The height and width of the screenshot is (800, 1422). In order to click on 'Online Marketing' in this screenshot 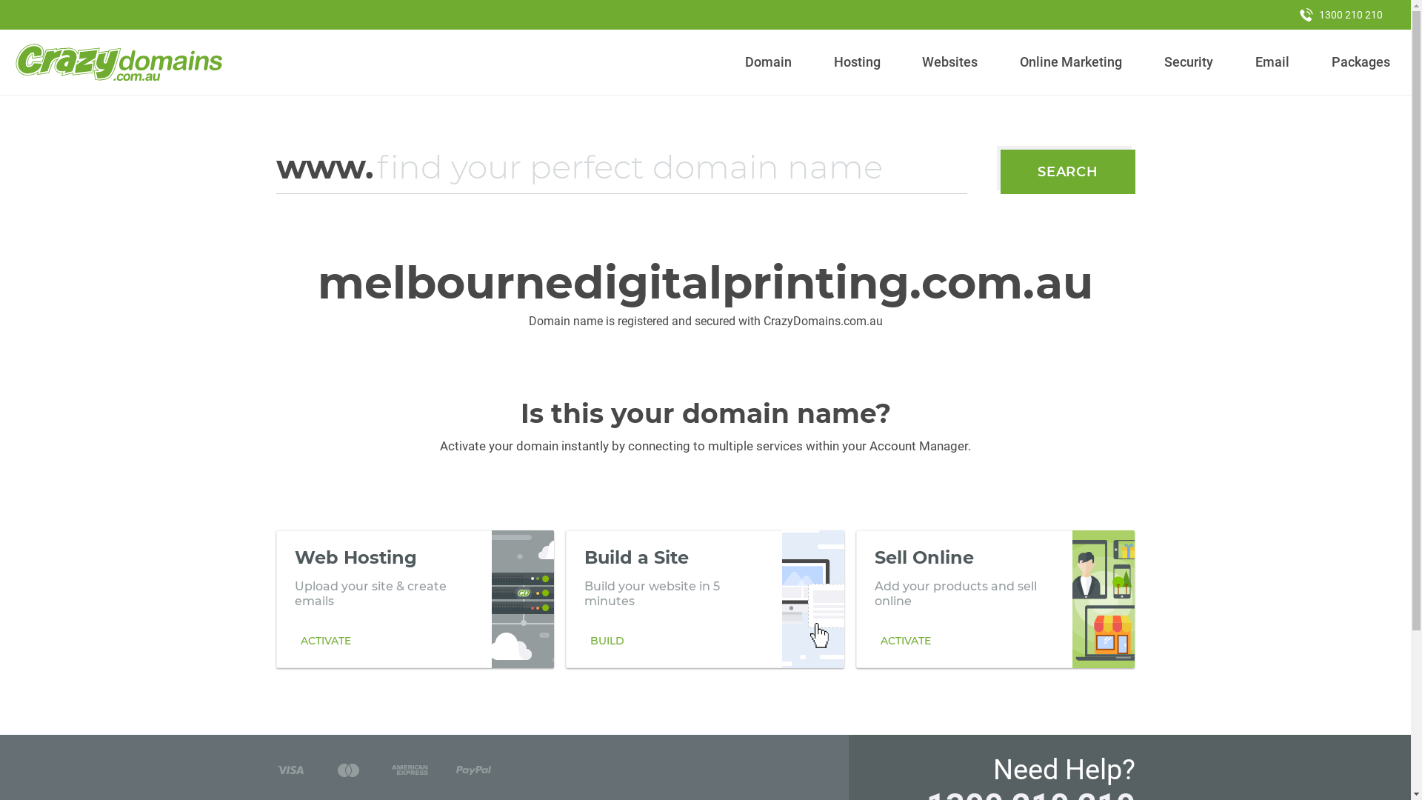, I will do `click(1071, 61)`.